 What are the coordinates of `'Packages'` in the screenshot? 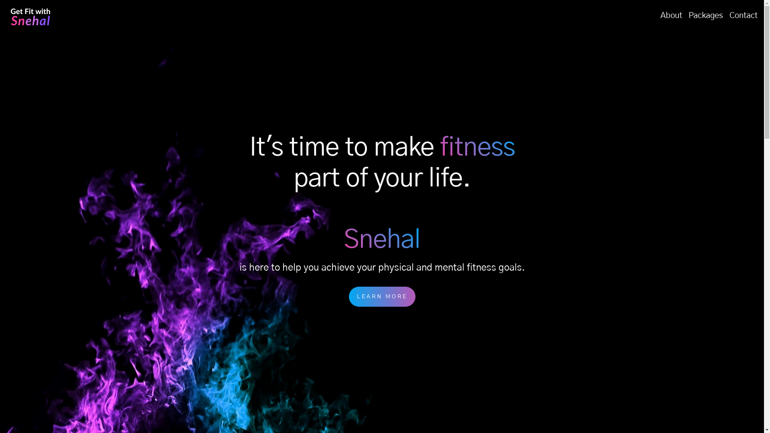 It's located at (706, 15).